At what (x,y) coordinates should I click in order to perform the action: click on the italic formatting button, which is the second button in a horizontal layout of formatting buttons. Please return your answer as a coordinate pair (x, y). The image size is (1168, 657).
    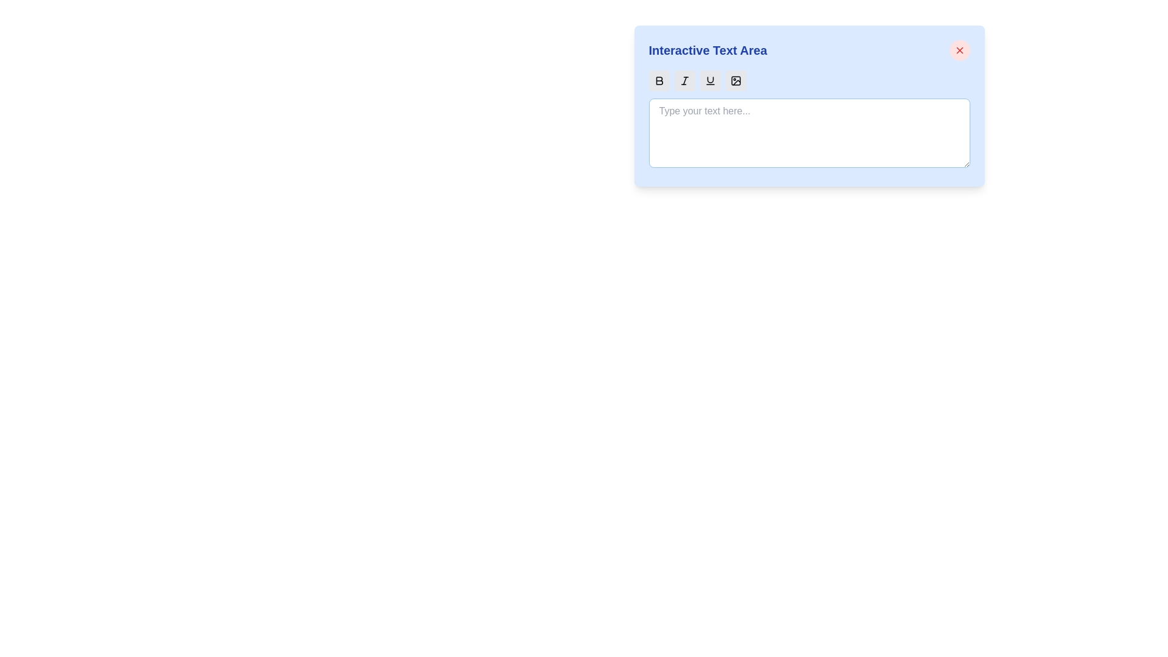
    Looking at the image, I should click on (684, 80).